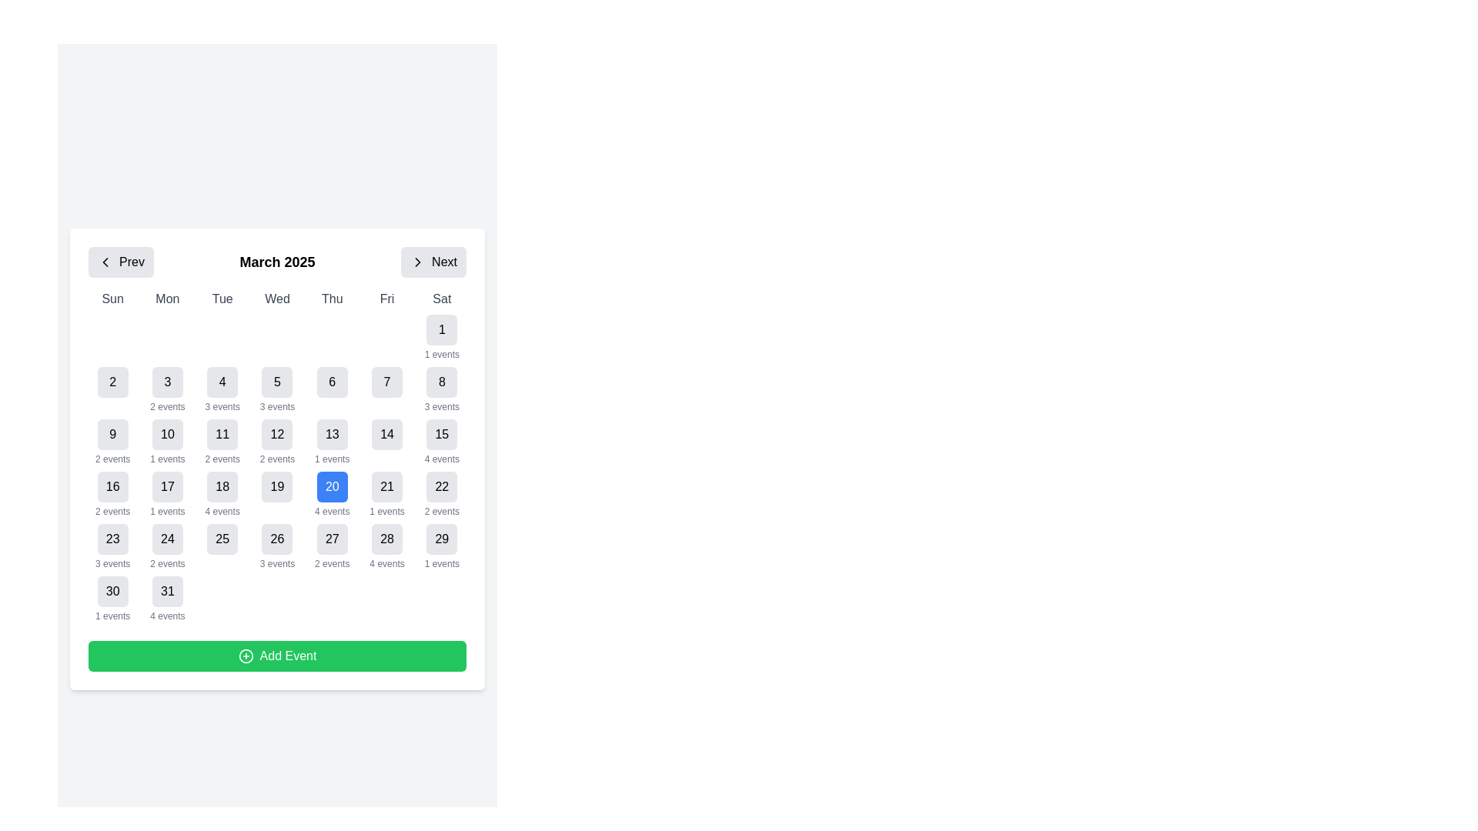 This screenshot has width=1478, height=831. What do you see at coordinates (112, 563) in the screenshot?
I see `the text label reading '3 events' located beneath the number '23' in the calendar cell for the 23rd day` at bounding box center [112, 563].